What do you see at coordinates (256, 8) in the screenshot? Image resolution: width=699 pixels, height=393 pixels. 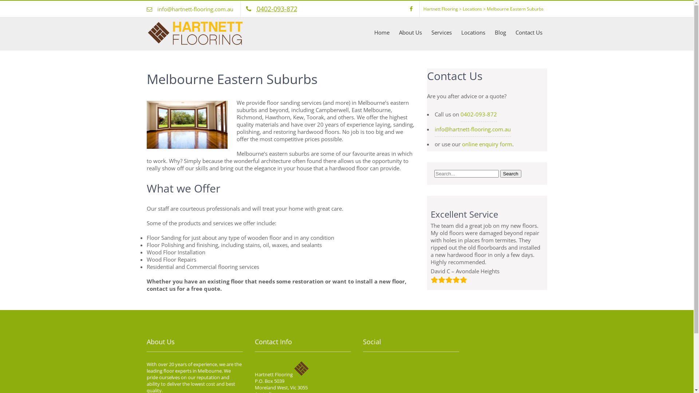 I see `'0402-093-872'` at bounding box center [256, 8].